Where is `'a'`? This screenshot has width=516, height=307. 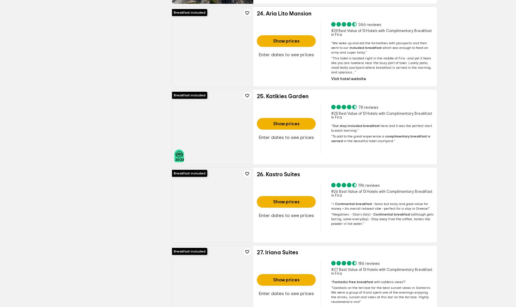
'a' is located at coordinates (380, 136).